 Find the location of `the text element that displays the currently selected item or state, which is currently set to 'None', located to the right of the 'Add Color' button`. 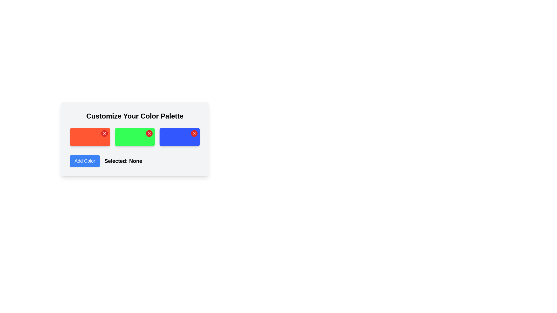

the text element that displays the currently selected item or state, which is currently set to 'None', located to the right of the 'Add Color' button is located at coordinates (123, 161).